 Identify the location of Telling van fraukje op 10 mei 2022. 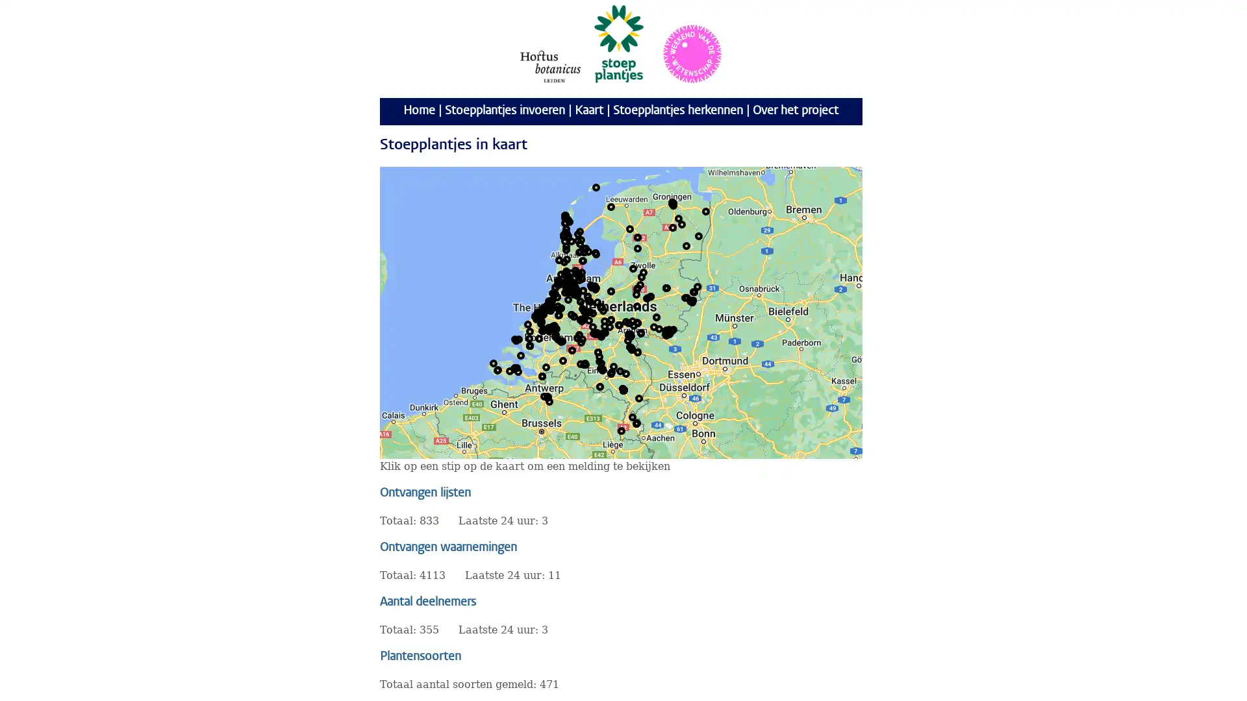
(603, 310).